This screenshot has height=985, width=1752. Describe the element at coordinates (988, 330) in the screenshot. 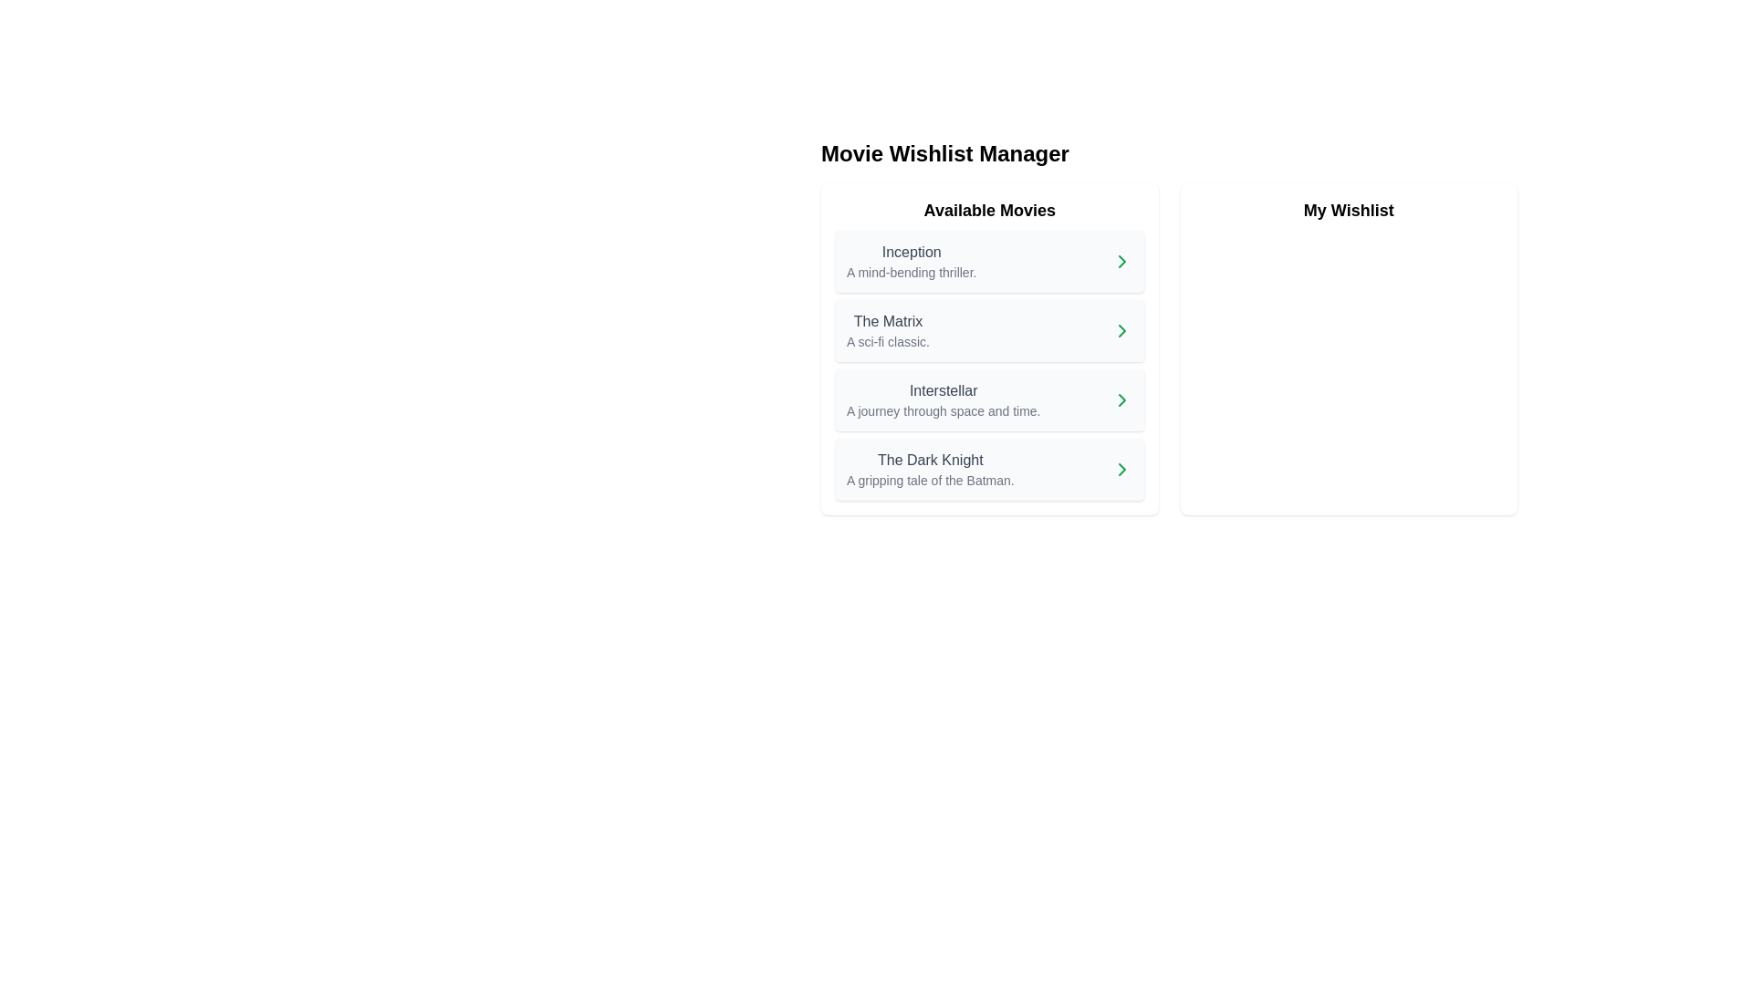

I see `the List Item for 'The Matrix' to view more details about the movie` at that location.